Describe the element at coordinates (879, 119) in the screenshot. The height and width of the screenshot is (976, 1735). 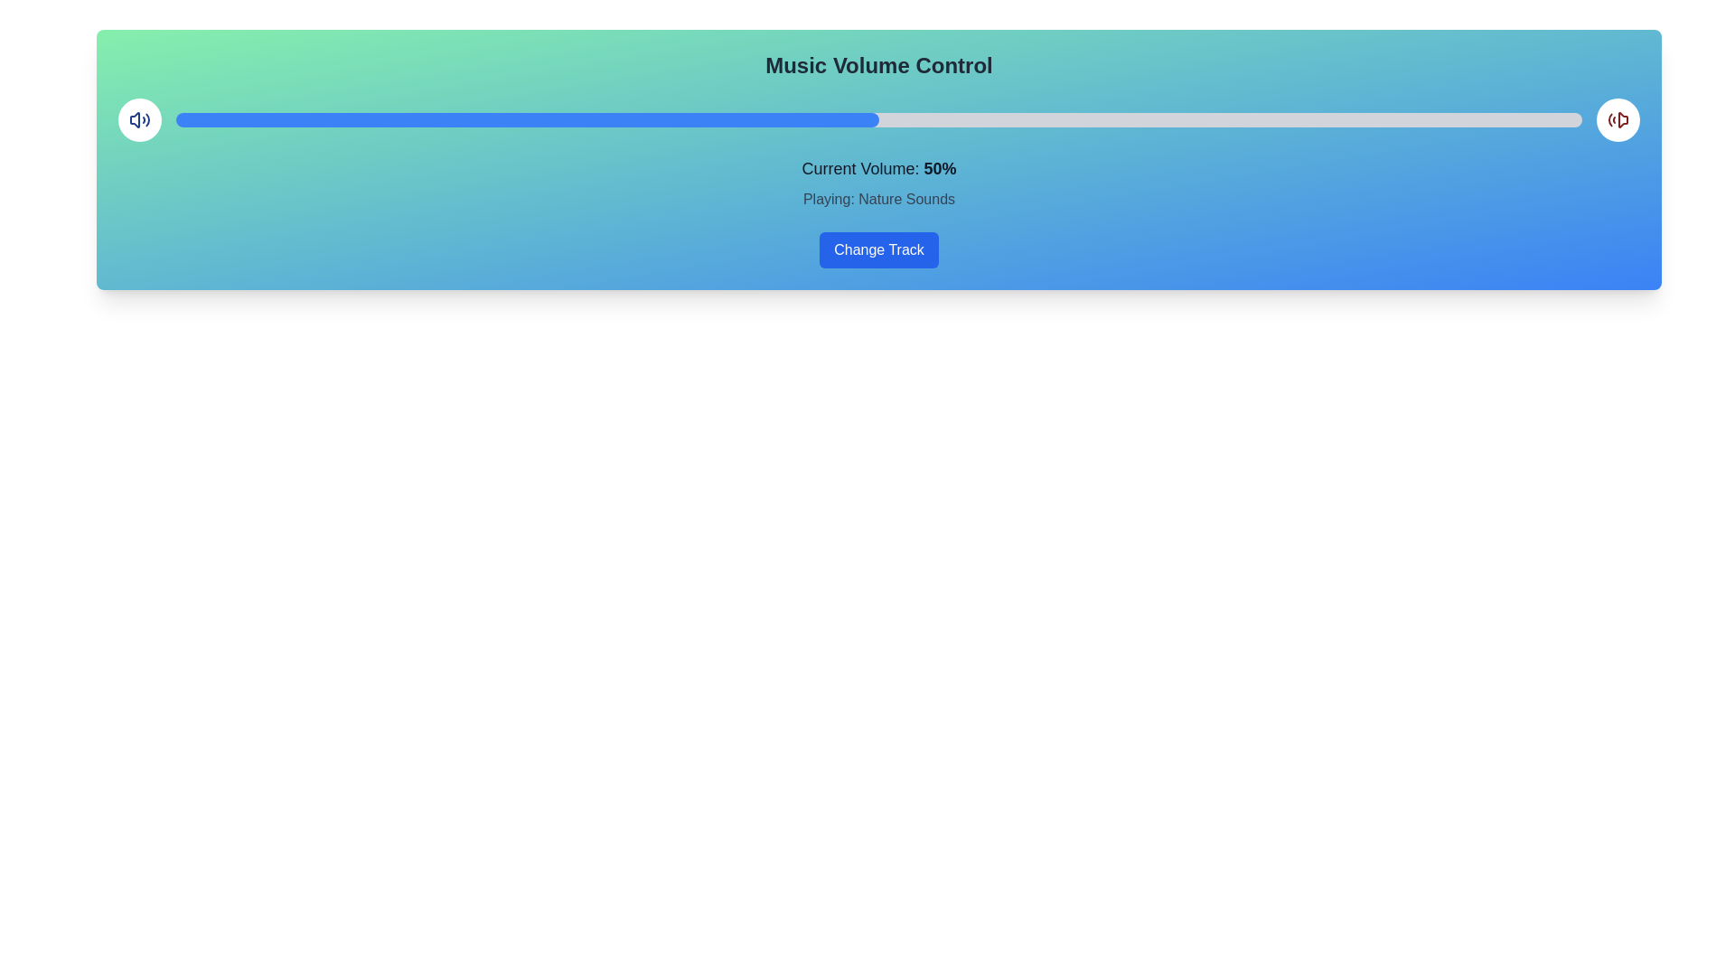
I see `the blue progress bar located in the middle horizontal section of the volume control interface` at that location.